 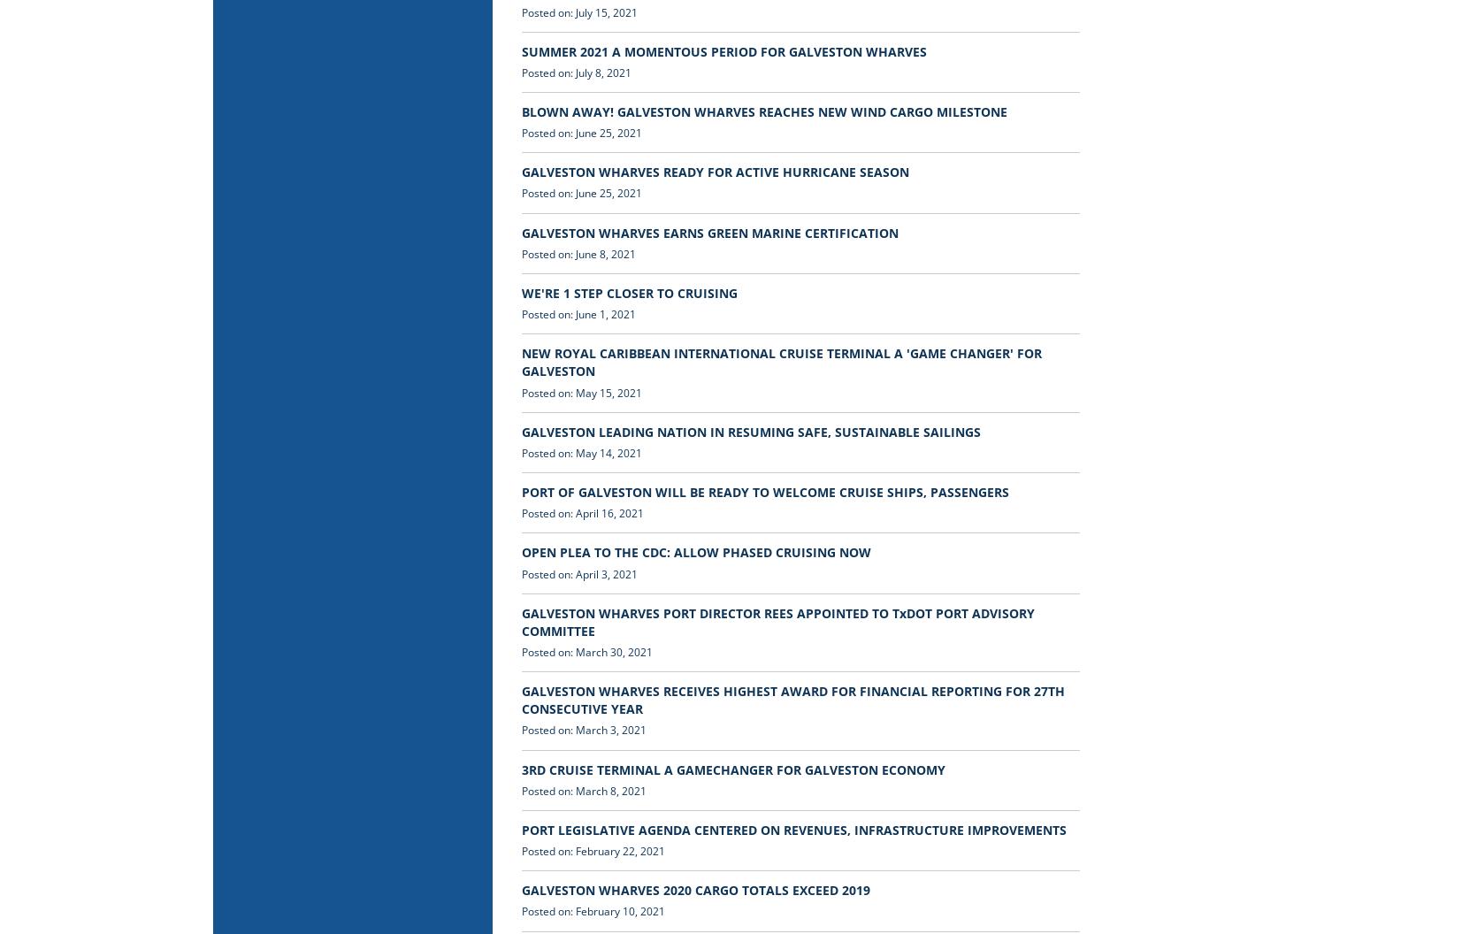 What do you see at coordinates (751, 430) in the screenshot?
I see `'GALVESTON LEADING NATION IN RESUMING SAFE, SUSTAINABLE SAILINGS'` at bounding box center [751, 430].